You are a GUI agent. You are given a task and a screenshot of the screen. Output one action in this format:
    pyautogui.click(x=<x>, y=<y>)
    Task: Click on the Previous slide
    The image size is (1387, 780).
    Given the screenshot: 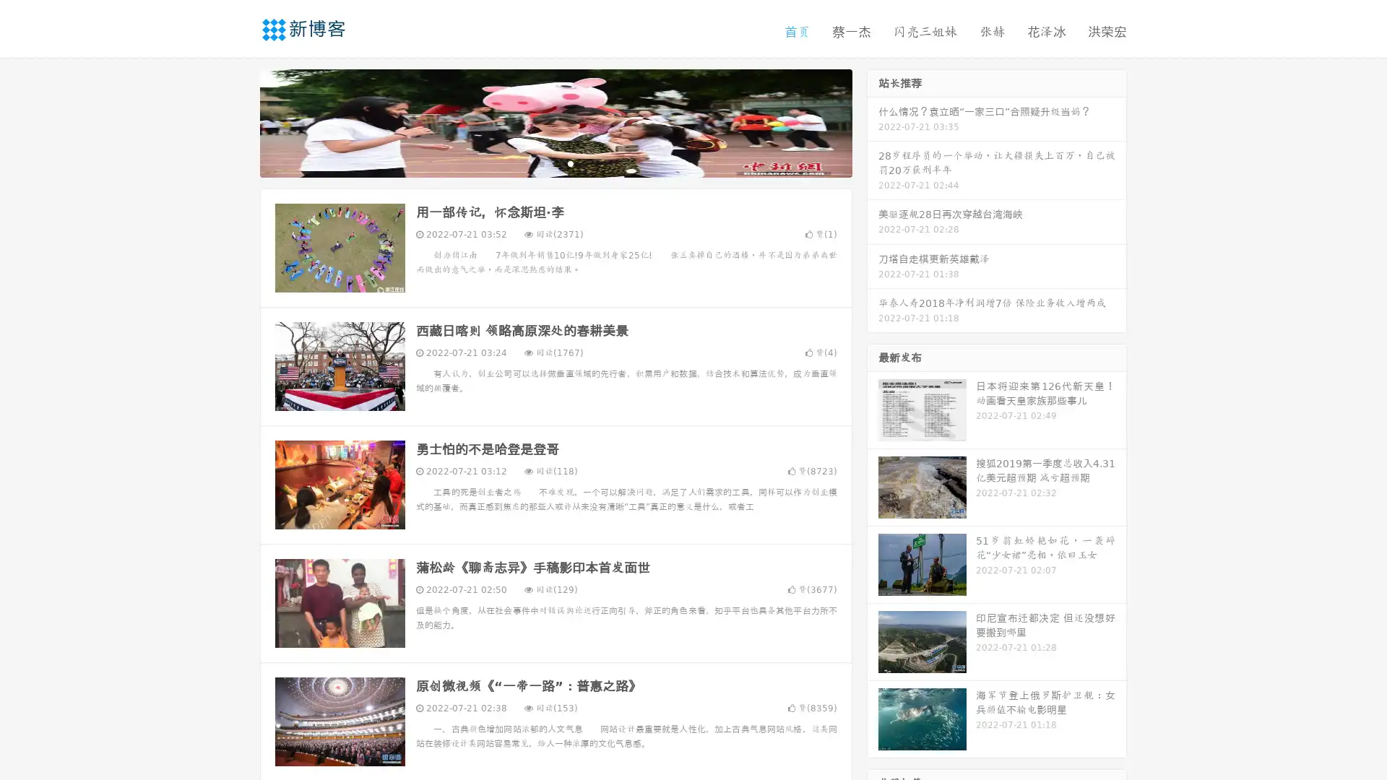 What is the action you would take?
    pyautogui.click(x=238, y=121)
    